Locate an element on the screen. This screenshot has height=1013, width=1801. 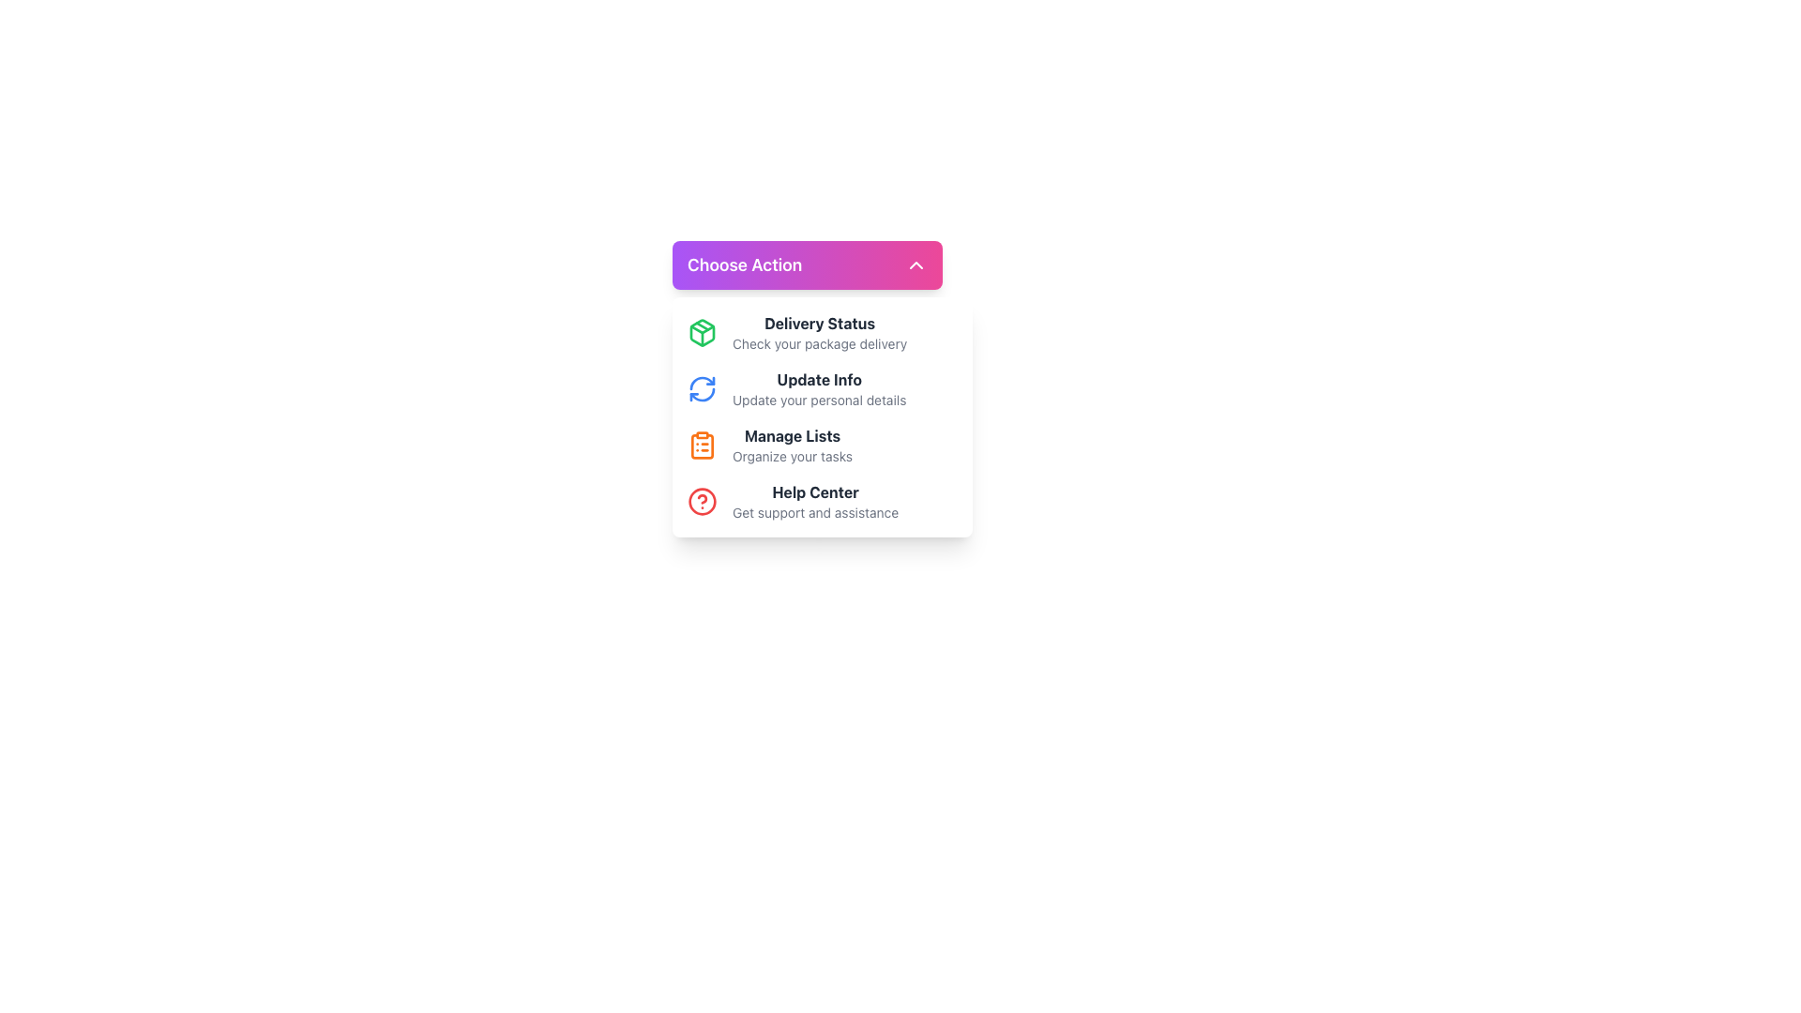
the 'Update Info' menu item, which is the second item in the menu list within the 'Choose Action' dialog, featuring a circular arrow icon and bold gray text is located at coordinates (823, 388).